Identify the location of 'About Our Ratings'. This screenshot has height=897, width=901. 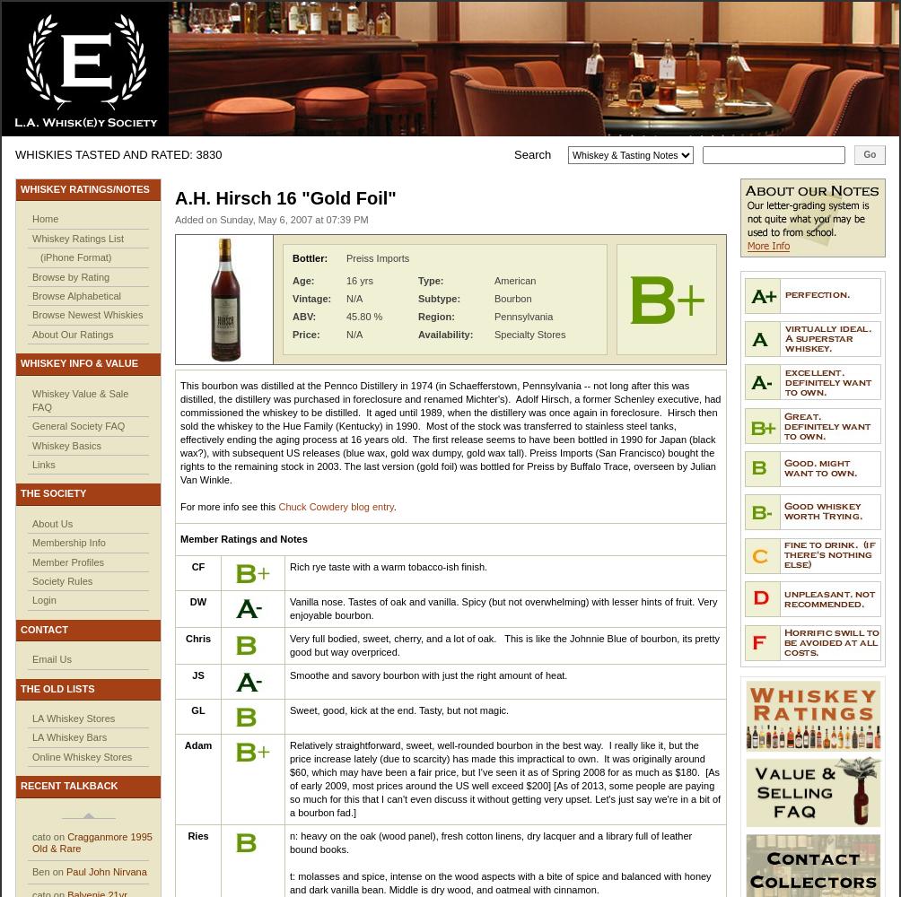
(32, 333).